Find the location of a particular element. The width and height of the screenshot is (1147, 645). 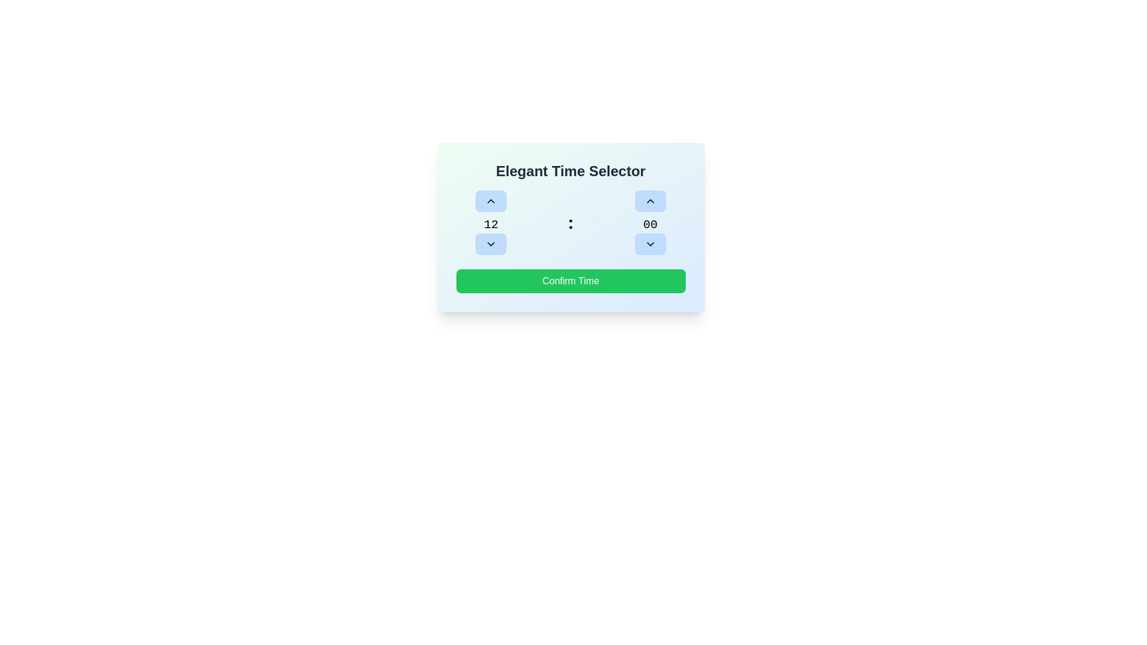

the increment button for hours input in the time selector is located at coordinates (491, 200).